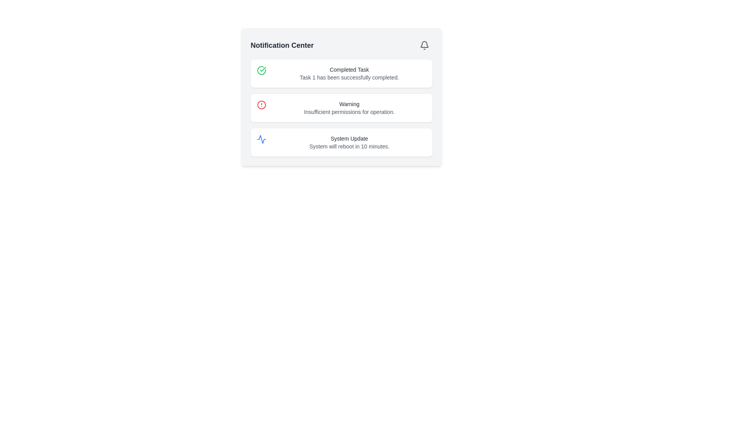  Describe the element at coordinates (349, 108) in the screenshot. I see `the Notification panel item titled 'Warning' with the message 'Insufficient permissions for operation.' in the Notification Center` at that location.